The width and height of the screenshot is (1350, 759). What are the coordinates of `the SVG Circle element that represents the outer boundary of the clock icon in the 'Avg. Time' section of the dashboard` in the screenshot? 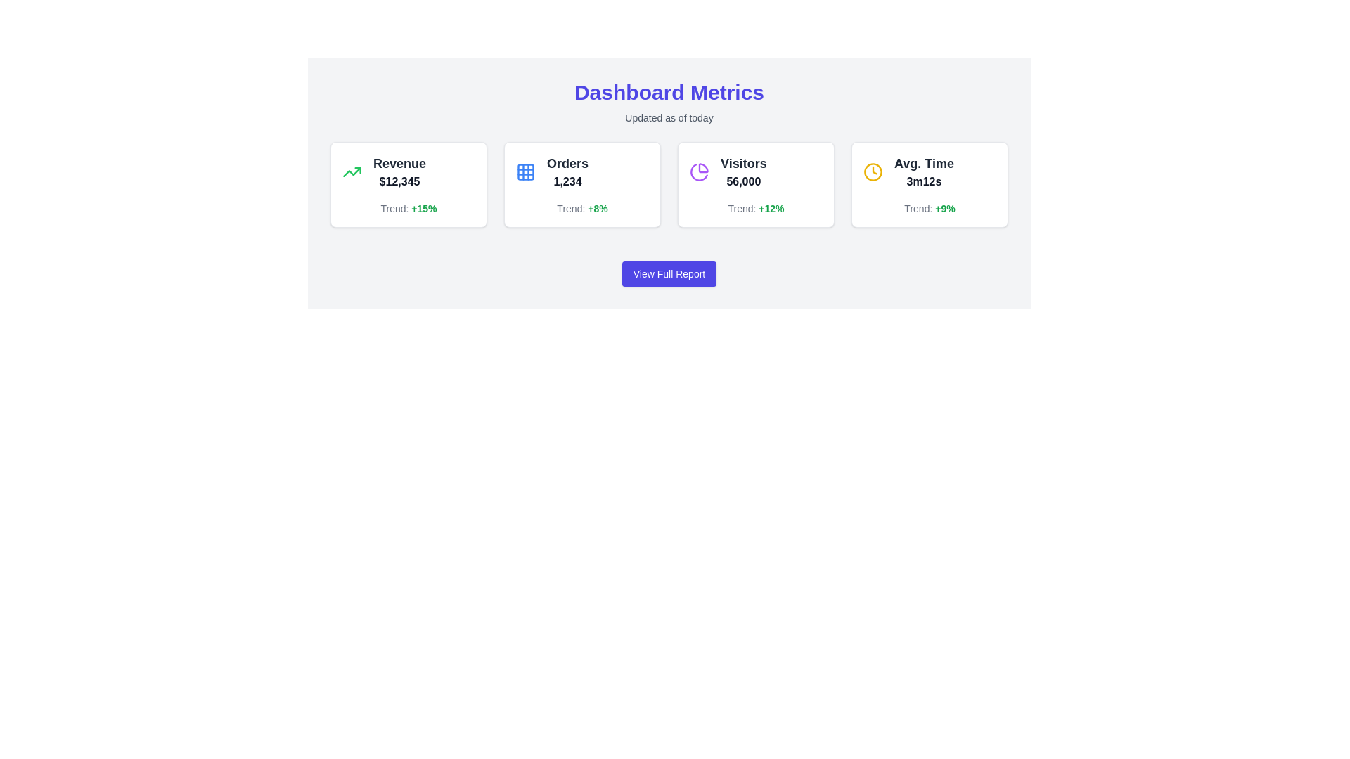 It's located at (873, 170).